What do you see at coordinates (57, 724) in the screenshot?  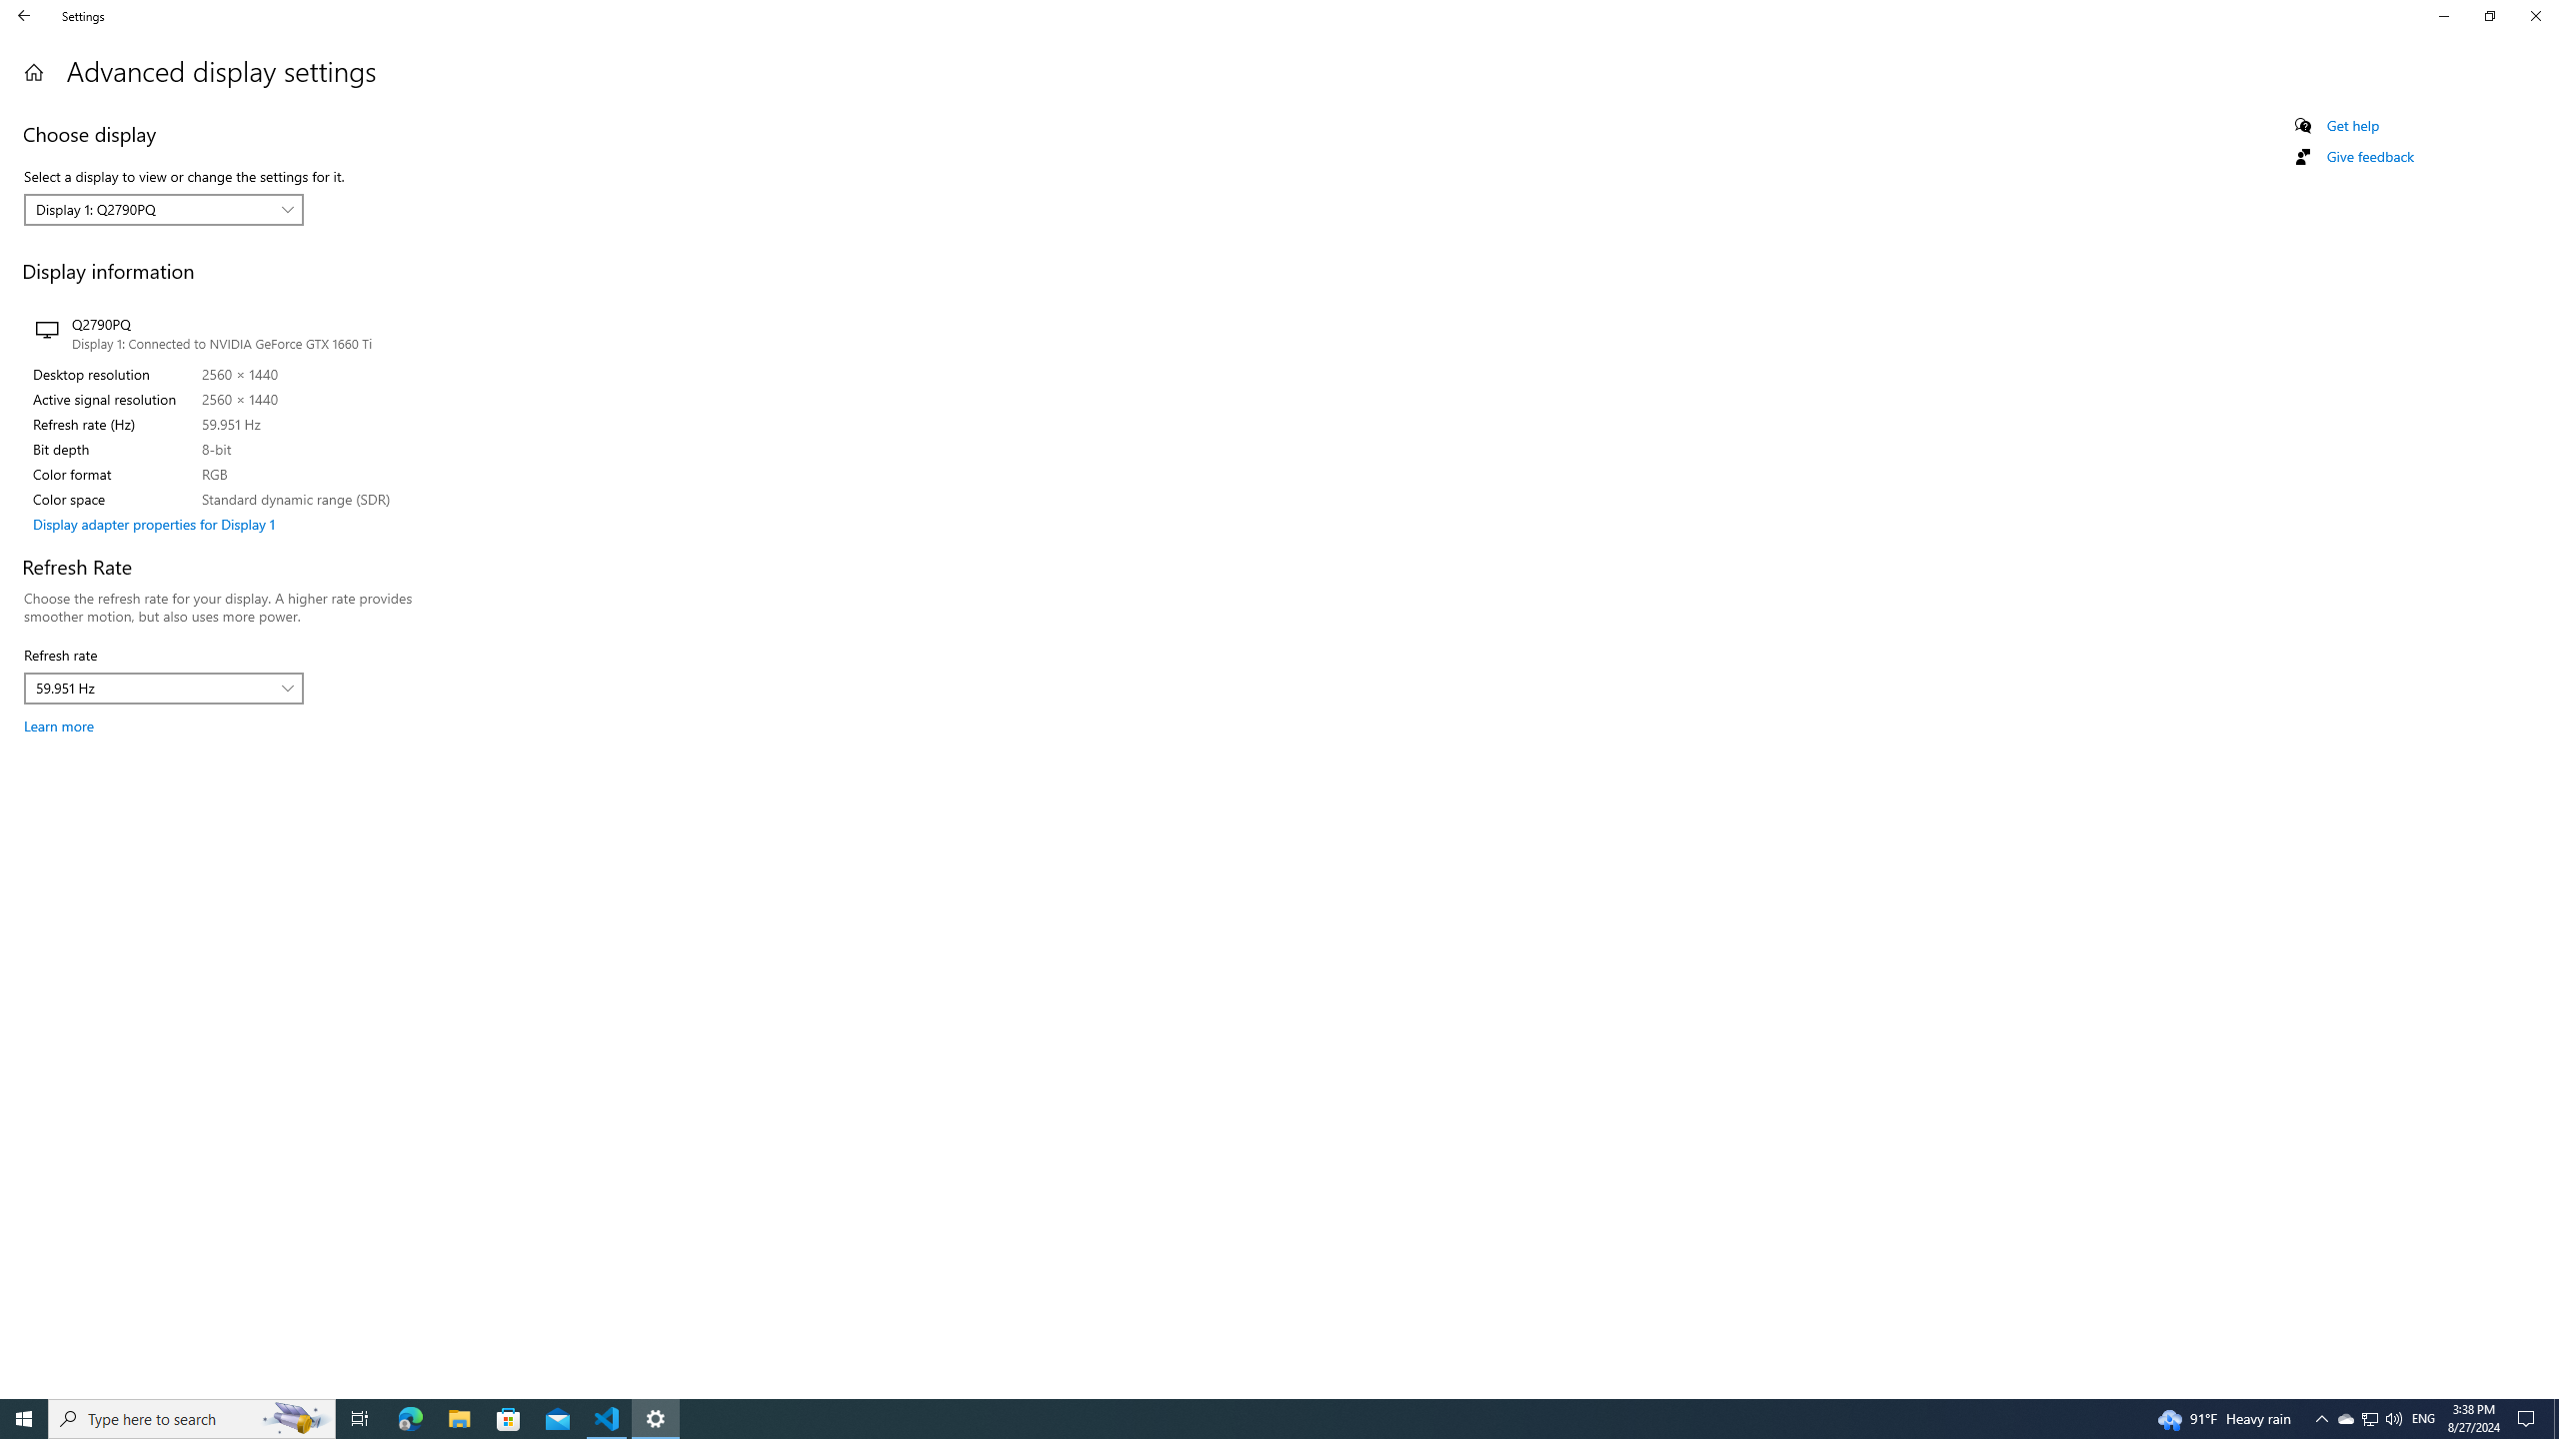 I see `'Learn more'` at bounding box center [57, 724].